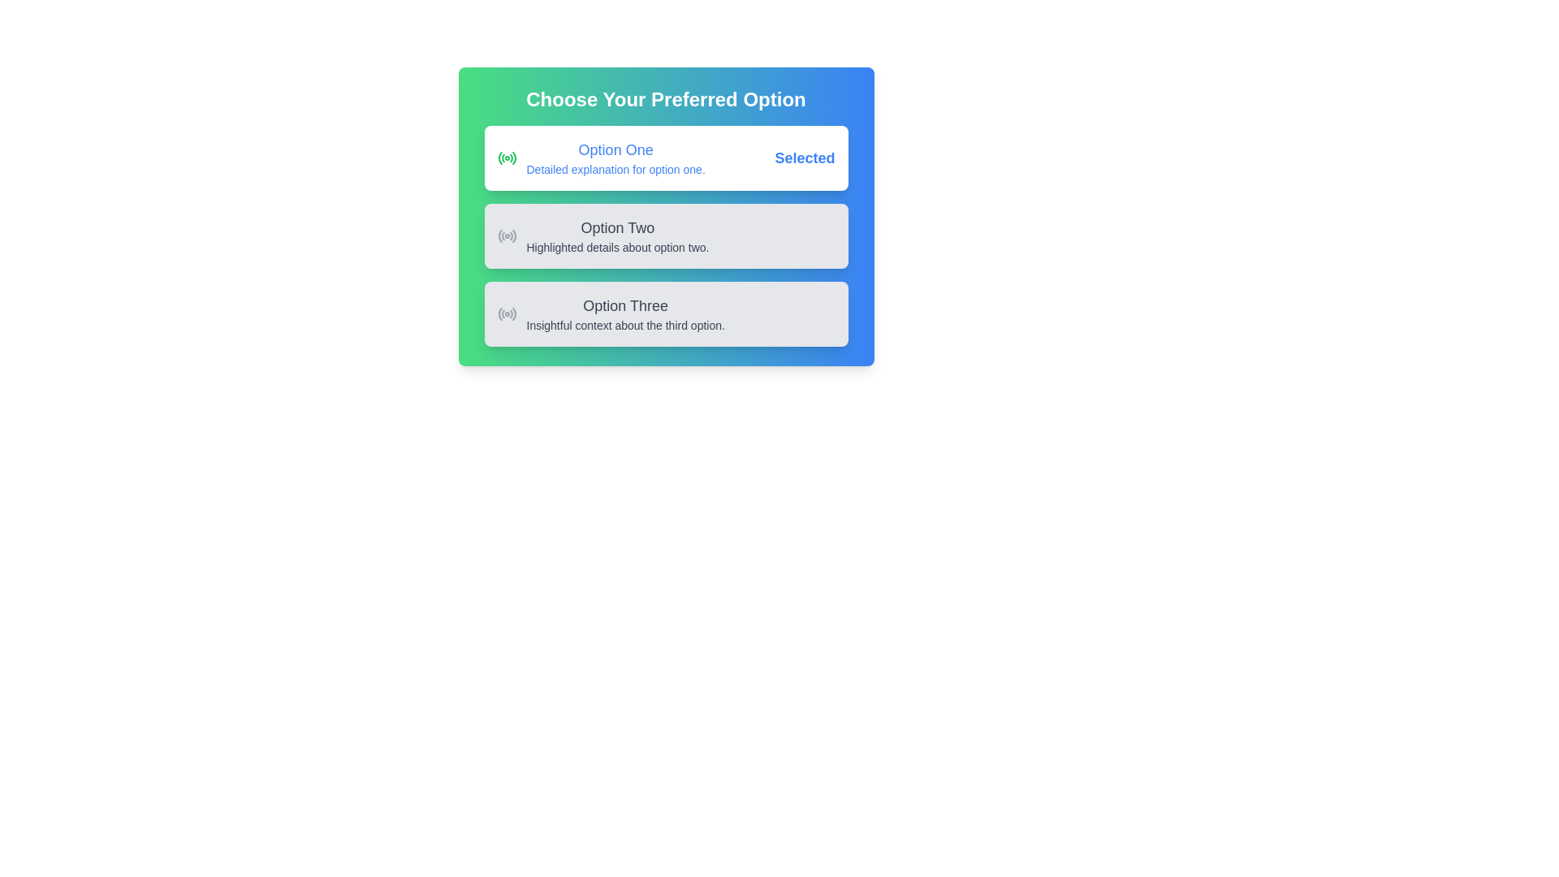 The width and height of the screenshot is (1559, 877). I want to click on the 'Option Two' radio button icon, so click(506, 235).